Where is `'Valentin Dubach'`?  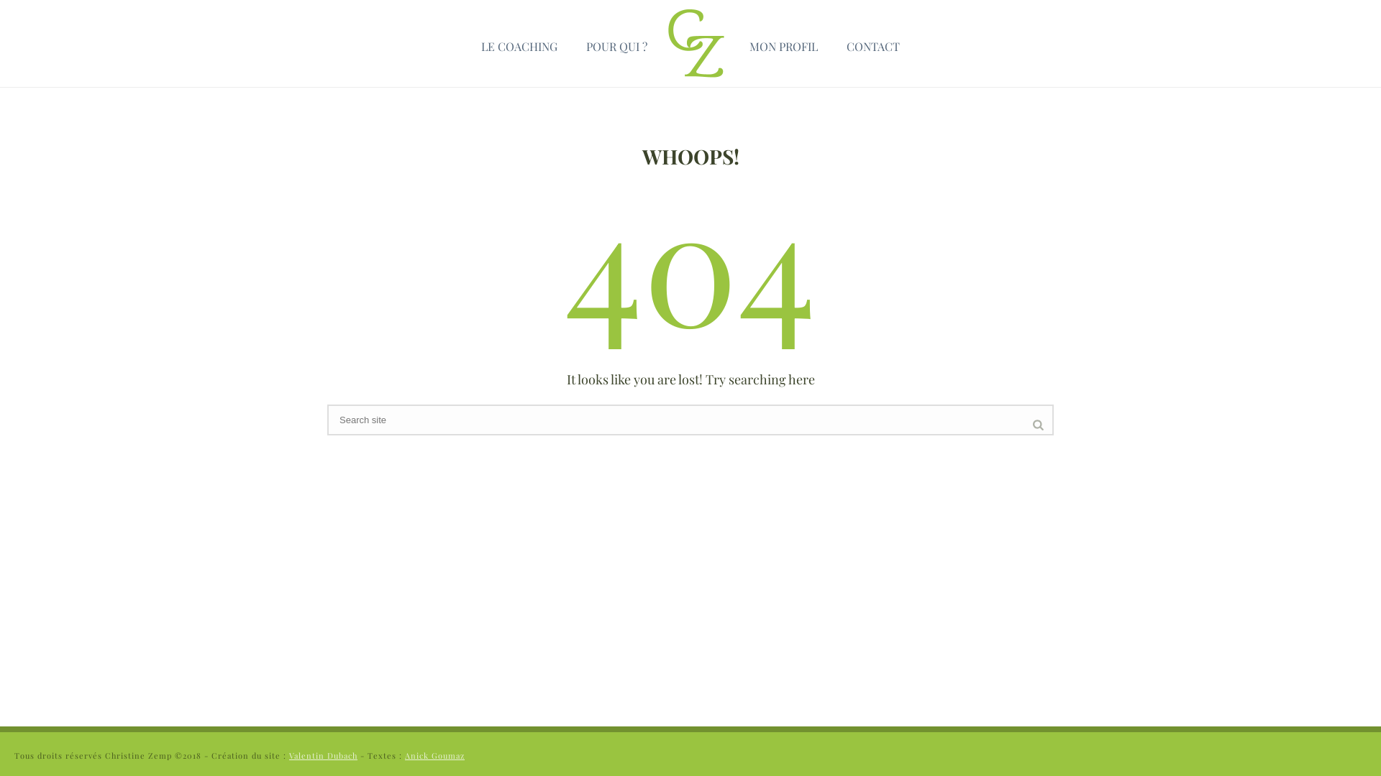 'Valentin Dubach' is located at coordinates (288, 754).